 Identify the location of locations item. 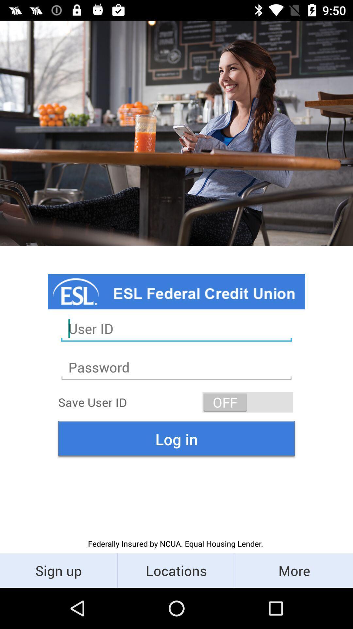
(176, 570).